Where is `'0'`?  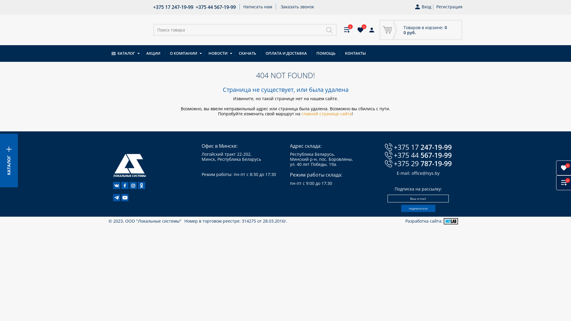 '0' is located at coordinates (354, 30).